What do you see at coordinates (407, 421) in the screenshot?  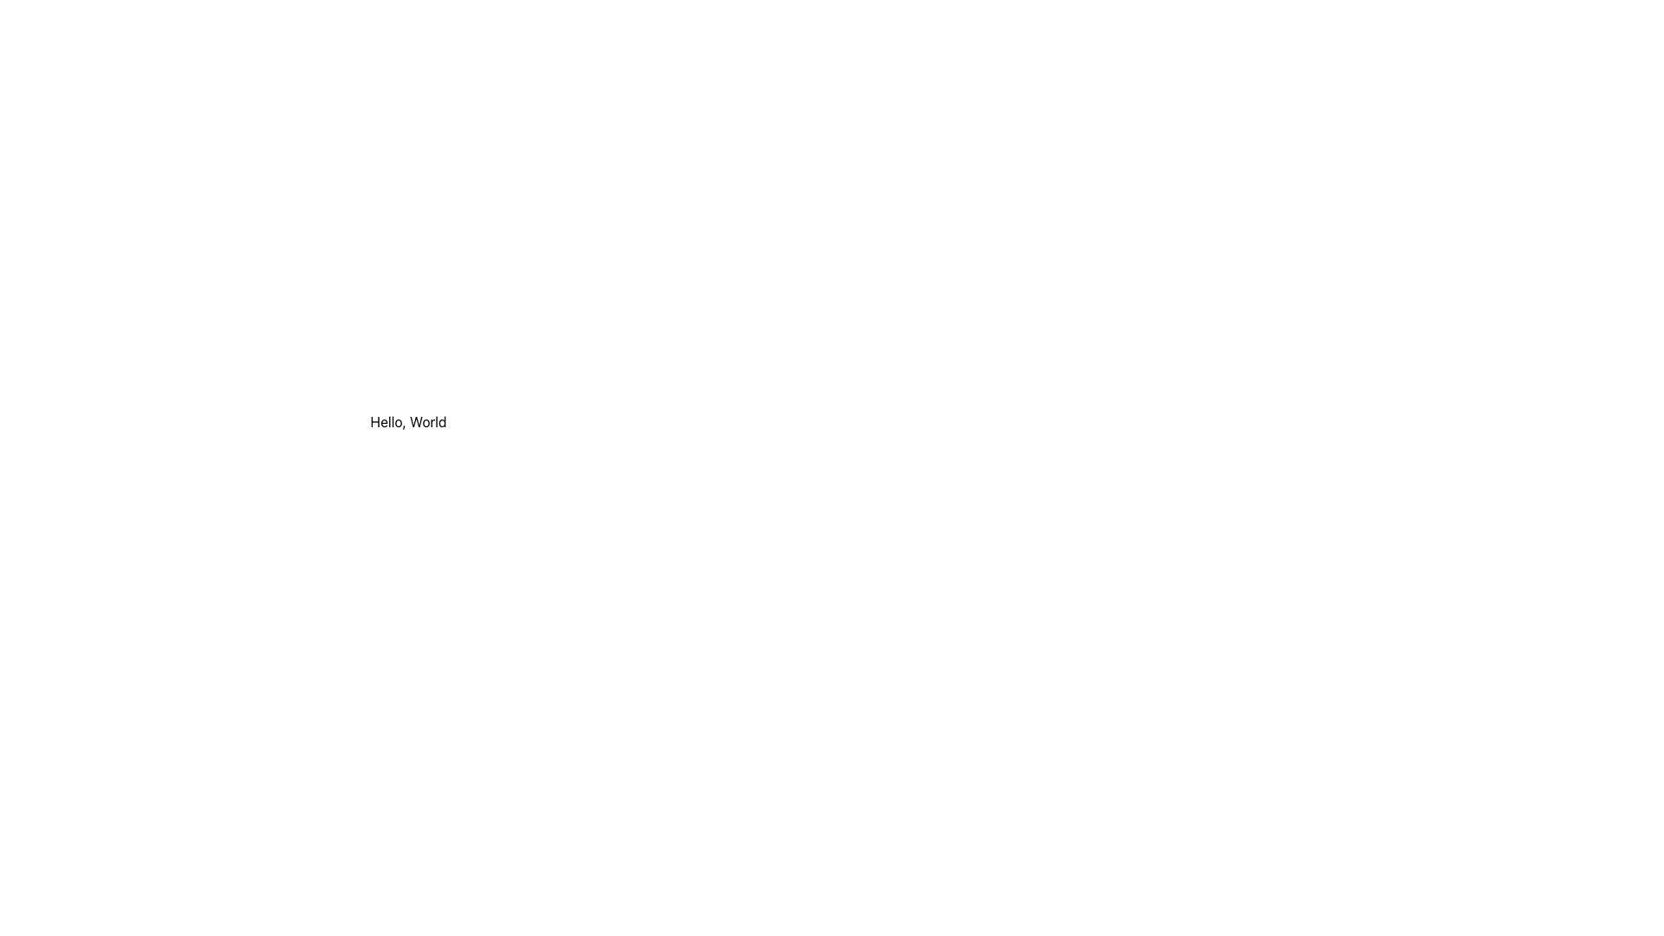 I see `the text label displaying 'Hello, World'` at bounding box center [407, 421].